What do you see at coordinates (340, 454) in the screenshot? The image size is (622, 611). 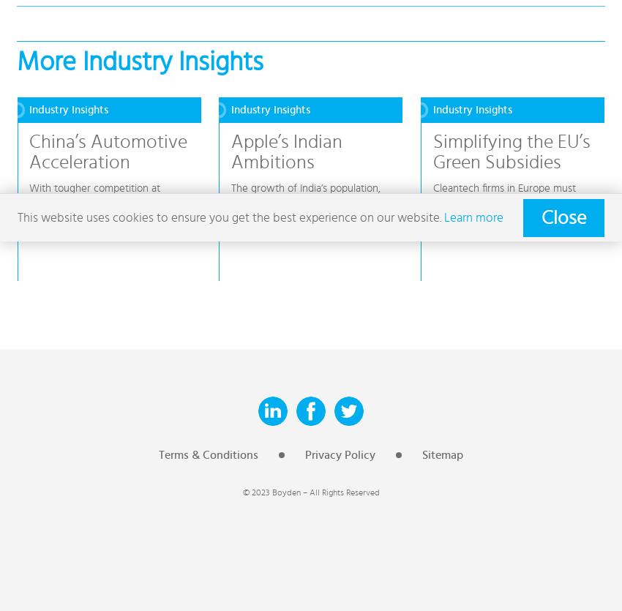 I see `'Privacy Policy'` at bounding box center [340, 454].